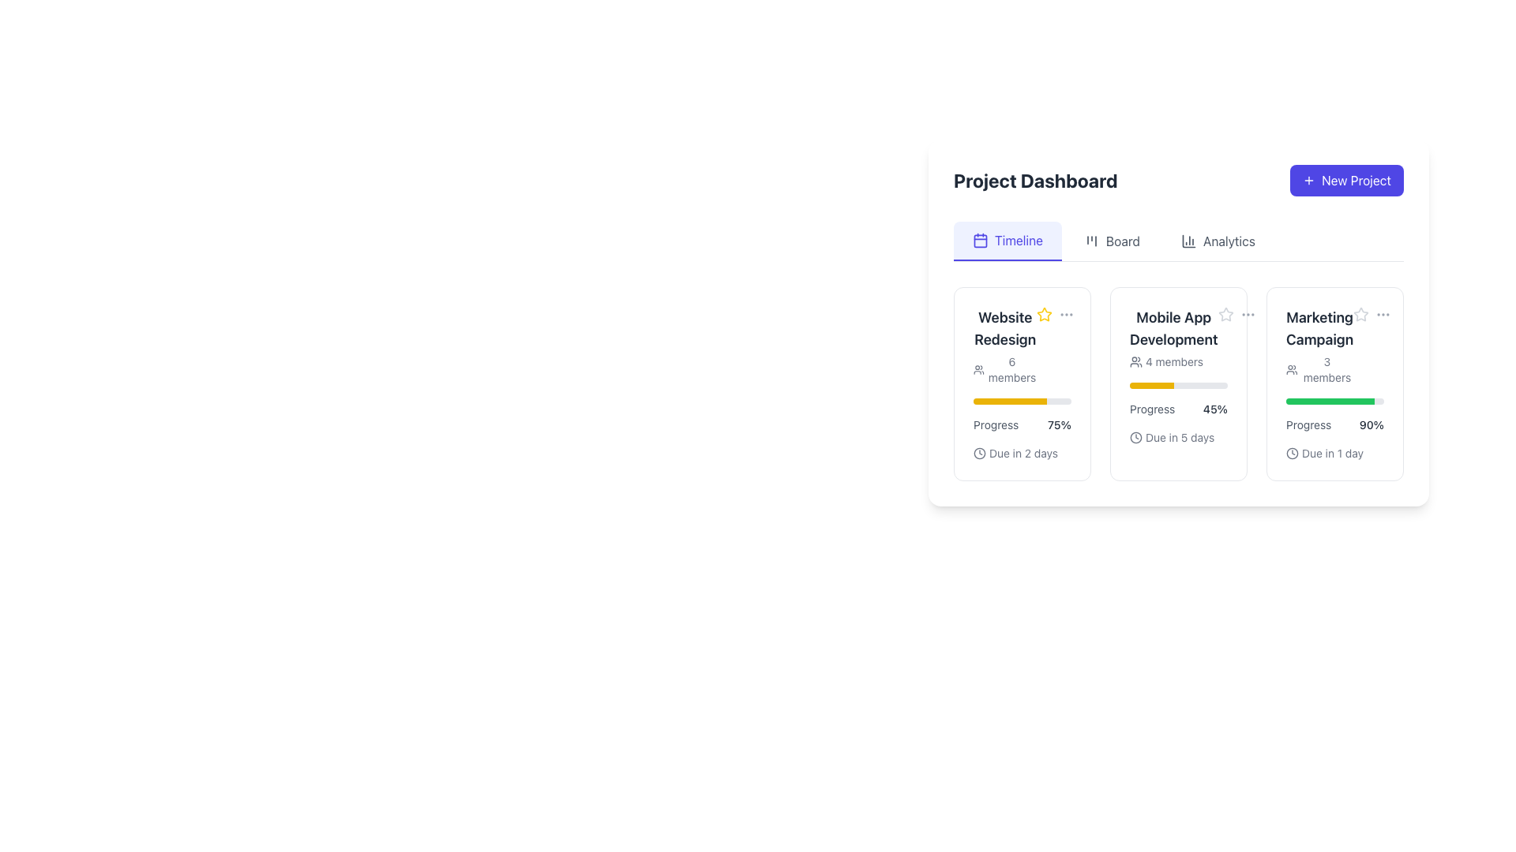 This screenshot has height=852, width=1516. What do you see at coordinates (1007, 241) in the screenshot?
I see `the leftmost navigation tab in the dashboard` at bounding box center [1007, 241].